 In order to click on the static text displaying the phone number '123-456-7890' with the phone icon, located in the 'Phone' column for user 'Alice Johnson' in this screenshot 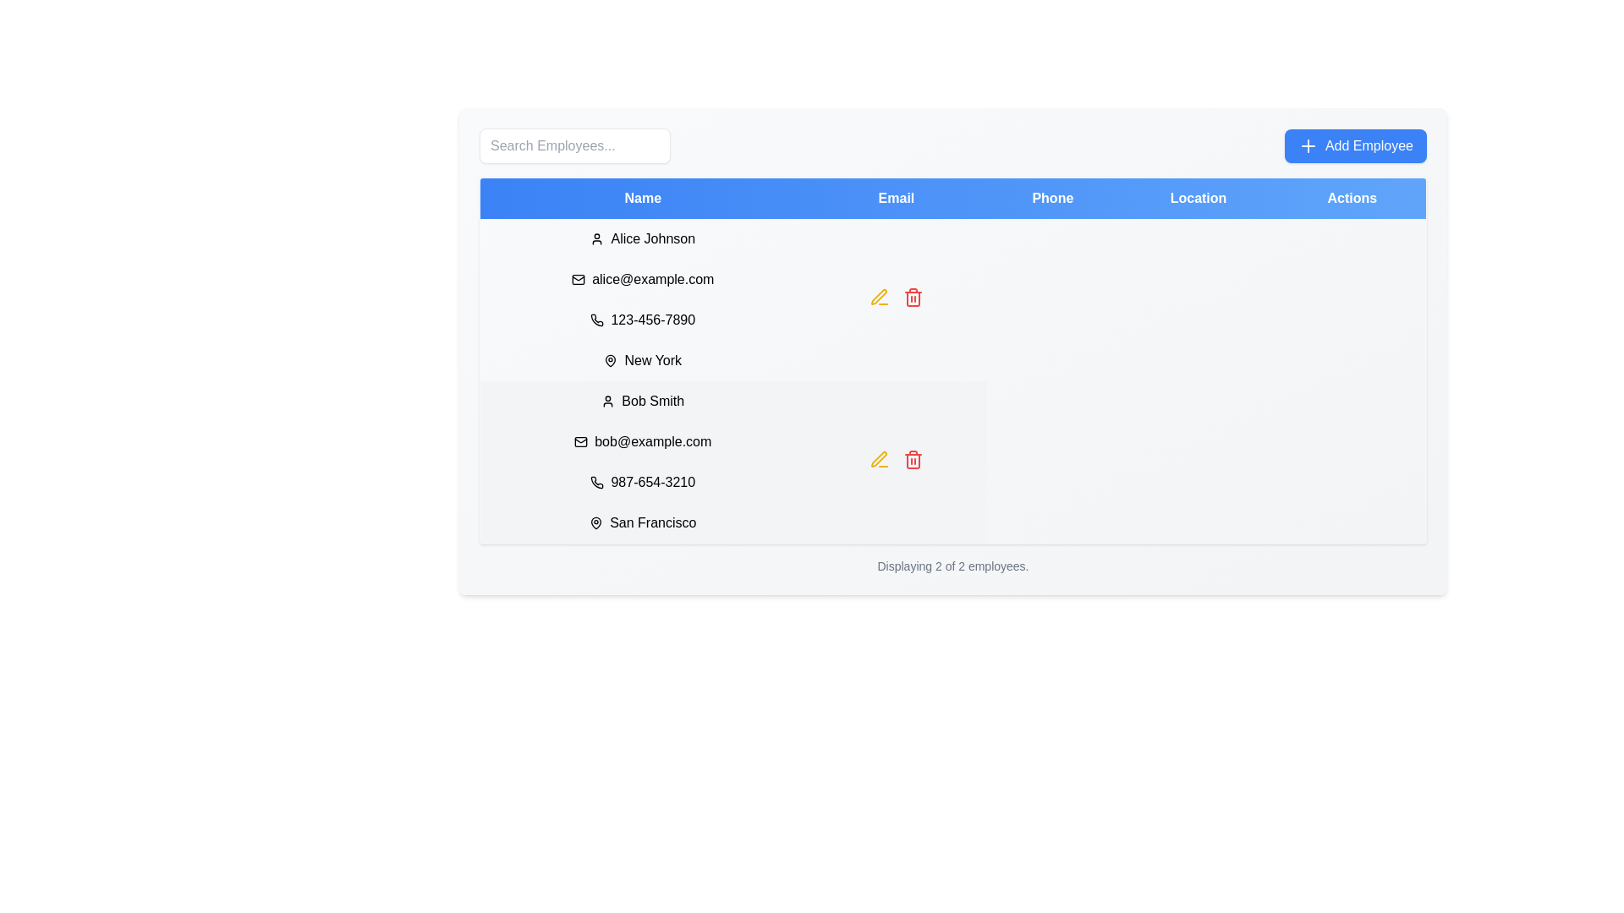, I will do `click(642, 320)`.